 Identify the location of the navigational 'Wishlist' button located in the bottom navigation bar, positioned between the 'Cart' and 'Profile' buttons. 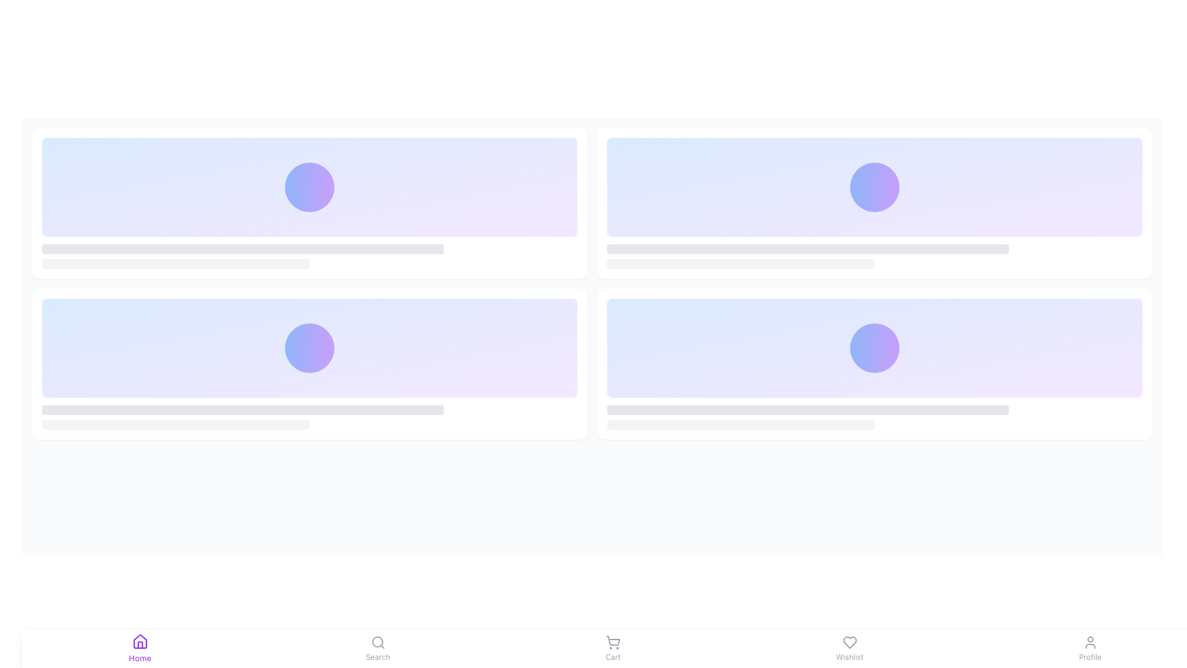
(849, 648).